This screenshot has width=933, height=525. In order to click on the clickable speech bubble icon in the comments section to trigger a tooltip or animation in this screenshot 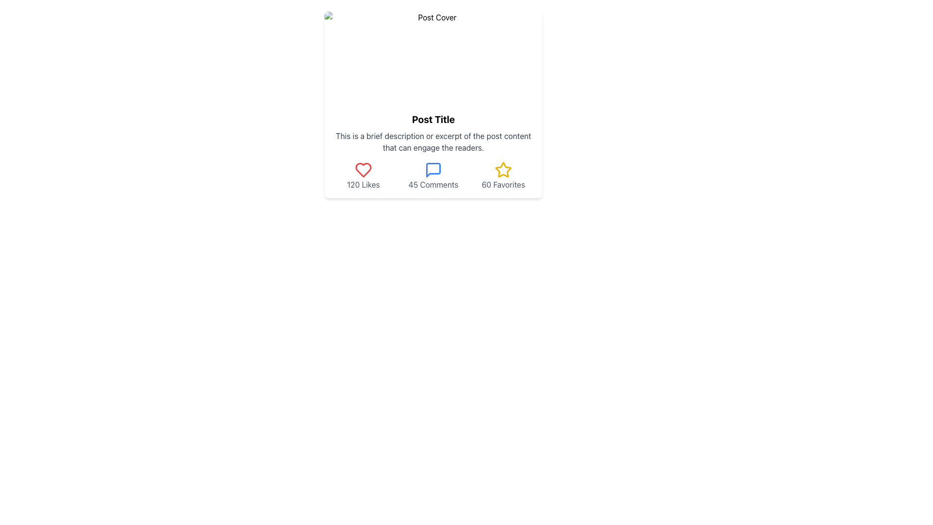, I will do `click(433, 170)`.